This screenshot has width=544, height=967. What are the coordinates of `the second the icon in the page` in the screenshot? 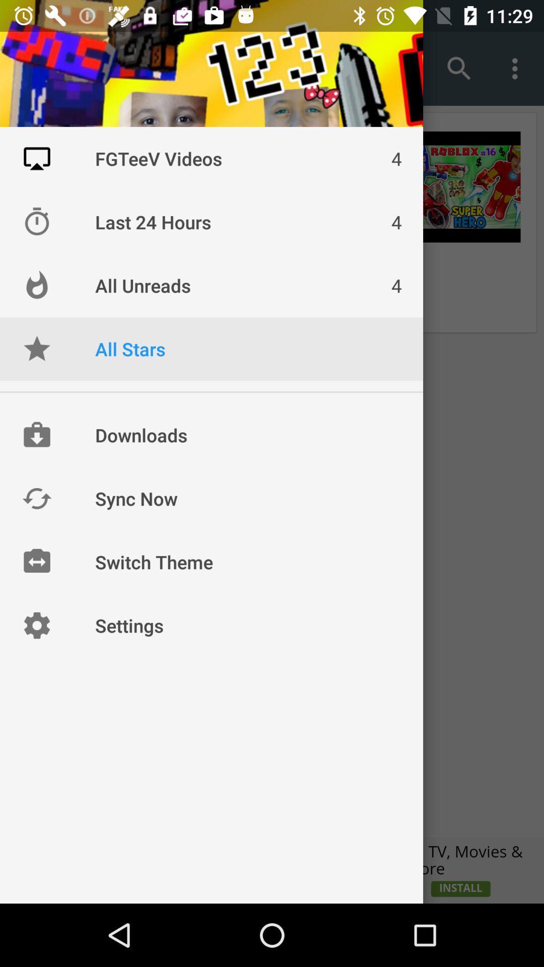 It's located at (36, 222).